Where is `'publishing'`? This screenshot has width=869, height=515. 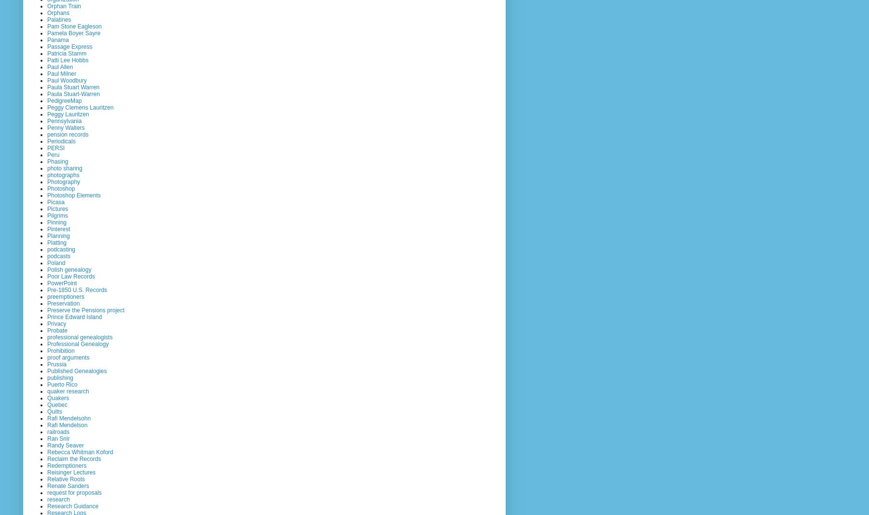
'publishing' is located at coordinates (60, 377).